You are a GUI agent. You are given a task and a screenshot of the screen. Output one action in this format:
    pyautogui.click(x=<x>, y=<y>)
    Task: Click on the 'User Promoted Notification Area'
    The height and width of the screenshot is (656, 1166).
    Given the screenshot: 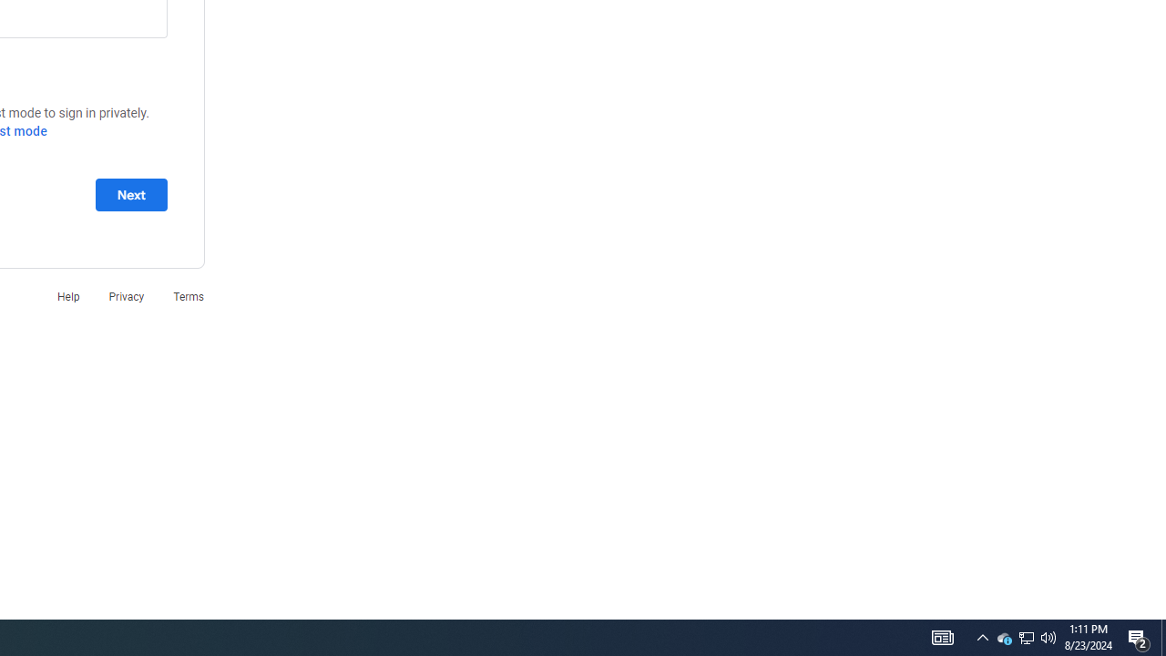 What is the action you would take?
    pyautogui.click(x=1027, y=636)
    